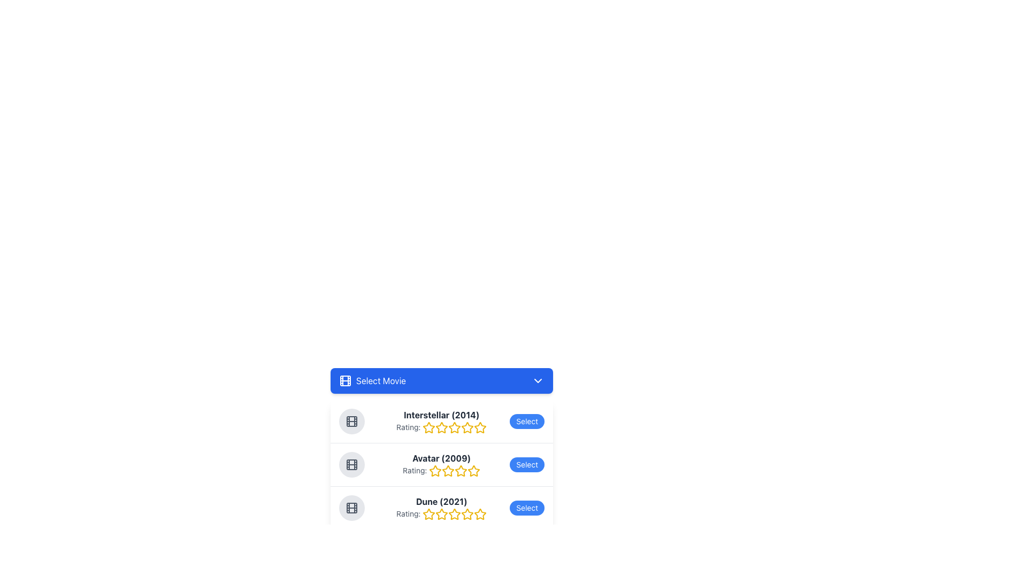 The image size is (1027, 577). I want to click on the hollow star icon with a yellow border next to the text 'Dune (2021)' in the movie rating section, so click(429, 513).